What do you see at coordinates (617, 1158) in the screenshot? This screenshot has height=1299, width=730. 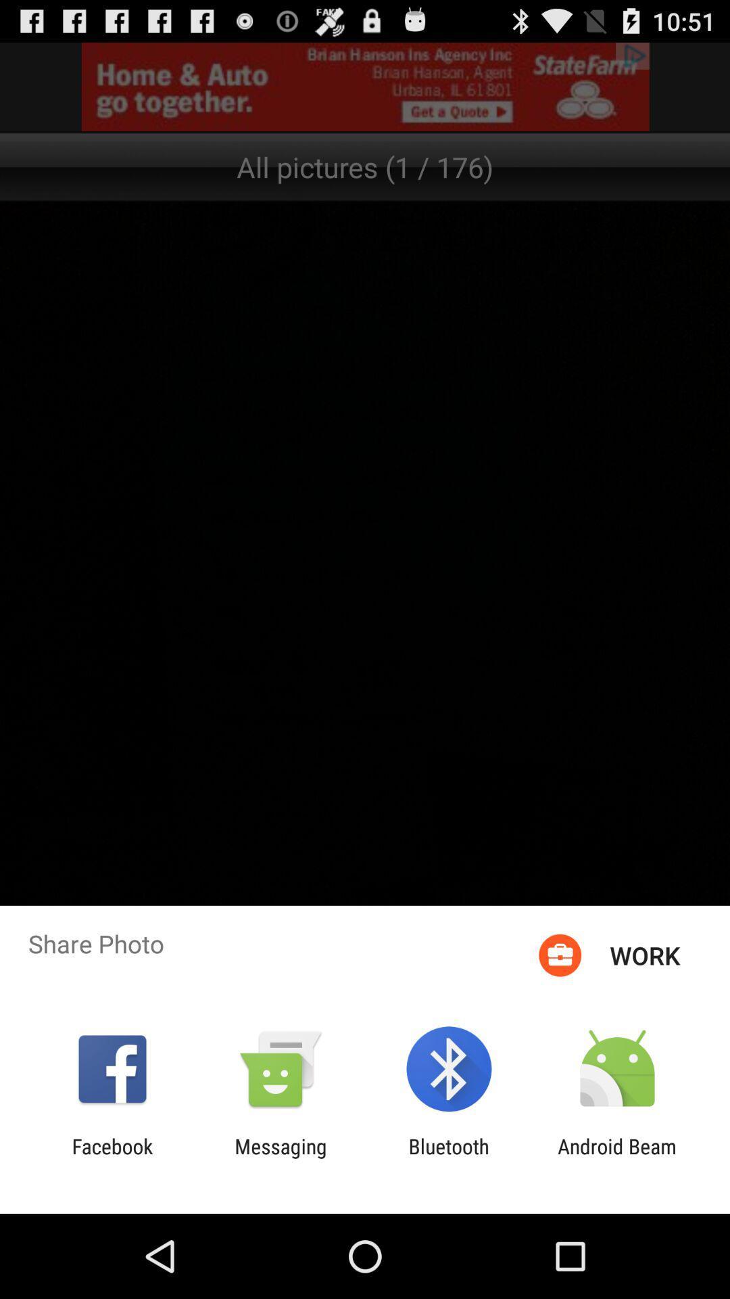 I see `the android beam app` at bounding box center [617, 1158].